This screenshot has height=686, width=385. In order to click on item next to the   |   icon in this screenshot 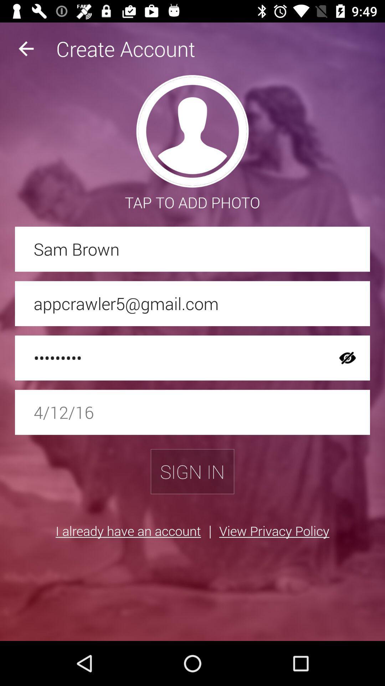, I will do `click(128, 531)`.